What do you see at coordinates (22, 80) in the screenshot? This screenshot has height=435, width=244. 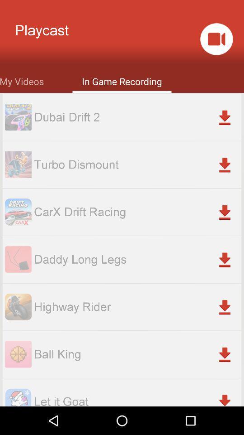 I see `the my videos` at bounding box center [22, 80].